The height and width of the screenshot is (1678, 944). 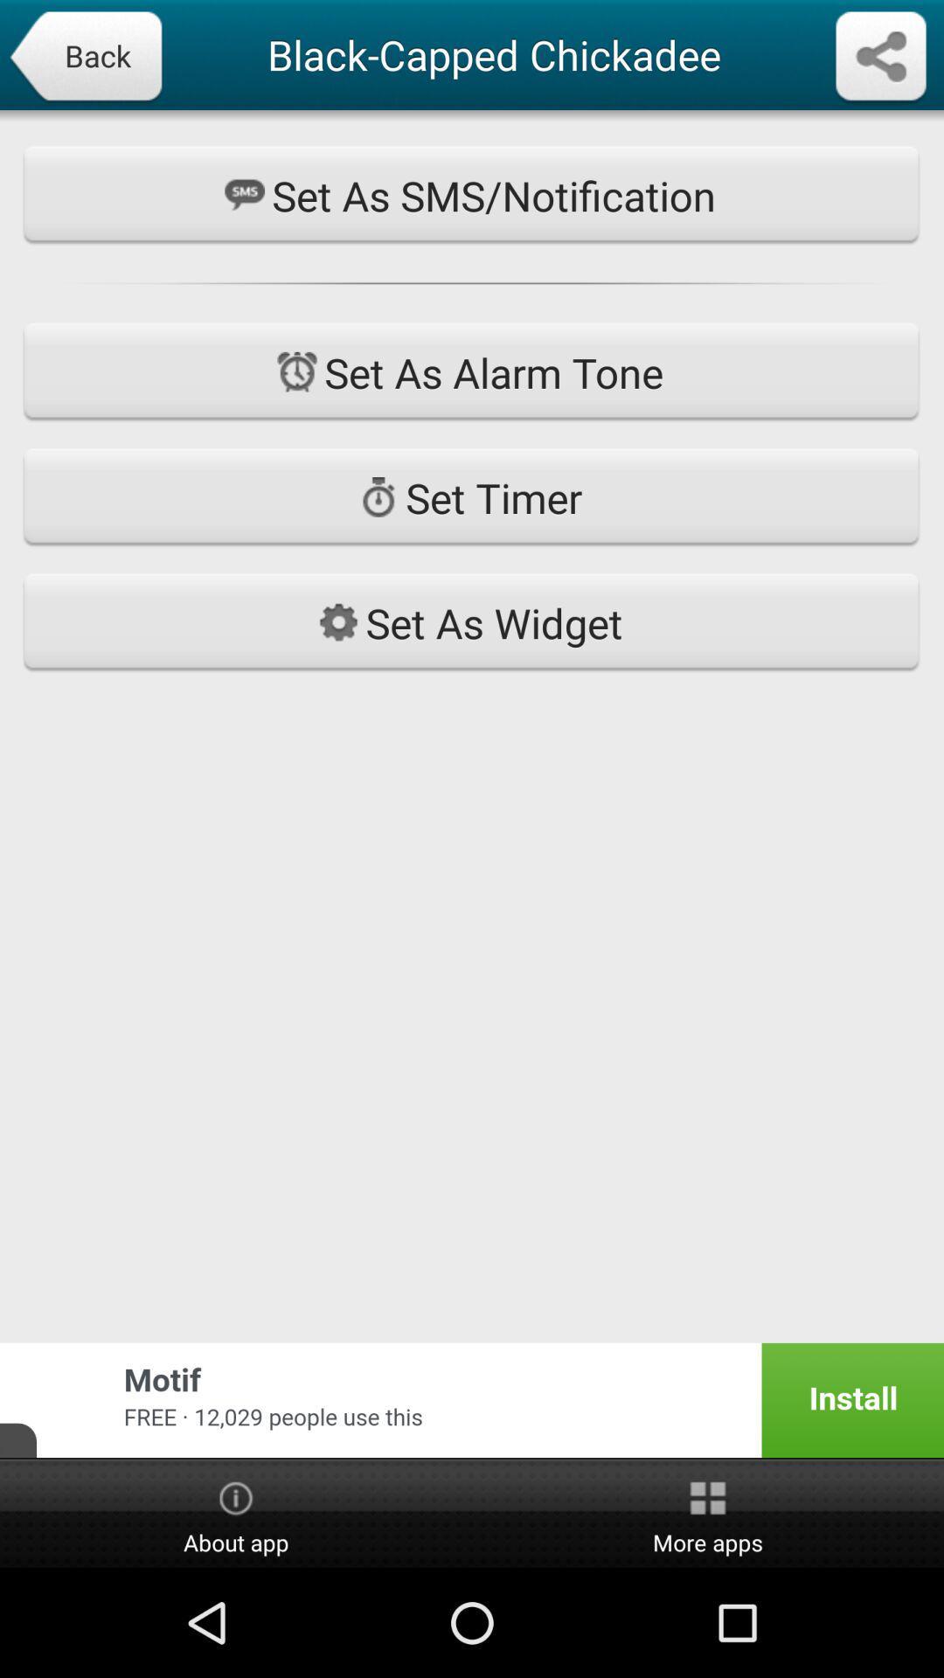 I want to click on icon at the bottom, so click(x=472, y=1400).